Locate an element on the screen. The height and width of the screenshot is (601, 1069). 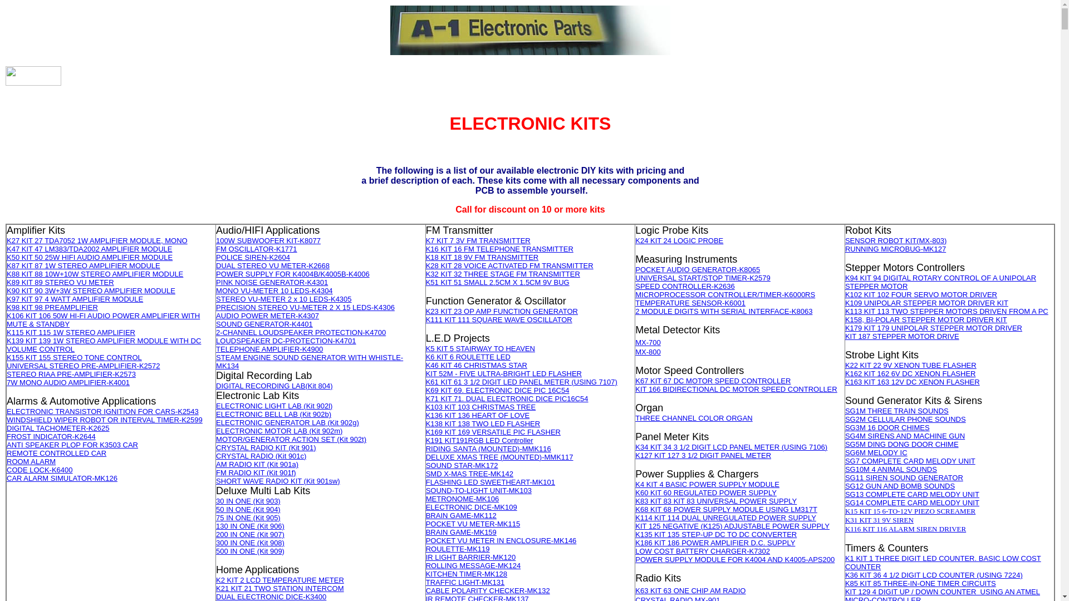
'MICROPROCESSOR CONTROLLER/TIMER-K6000RS' is located at coordinates (725, 294).